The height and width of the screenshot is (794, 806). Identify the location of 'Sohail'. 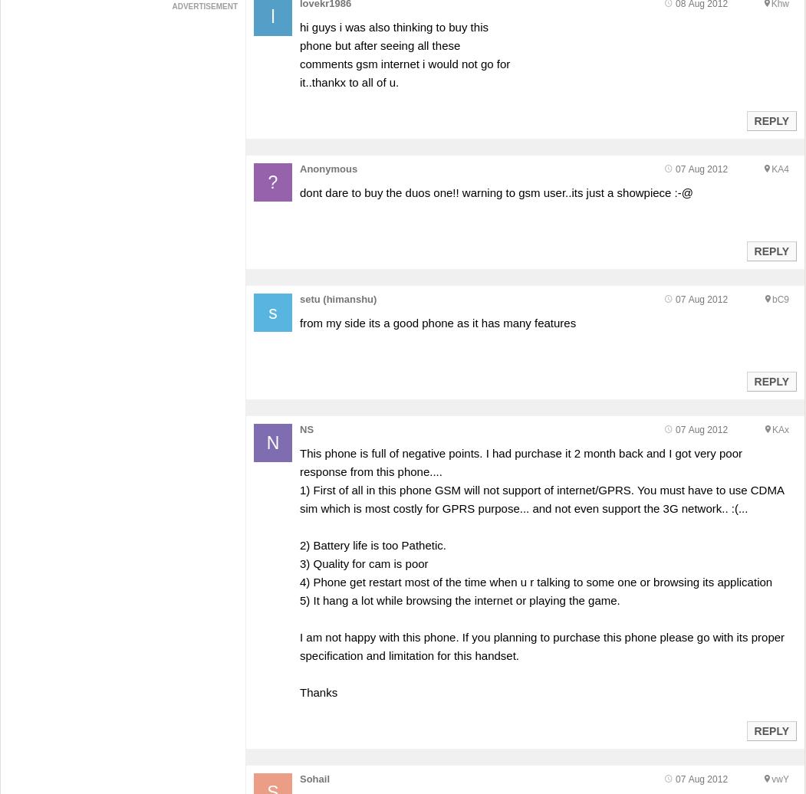
(314, 779).